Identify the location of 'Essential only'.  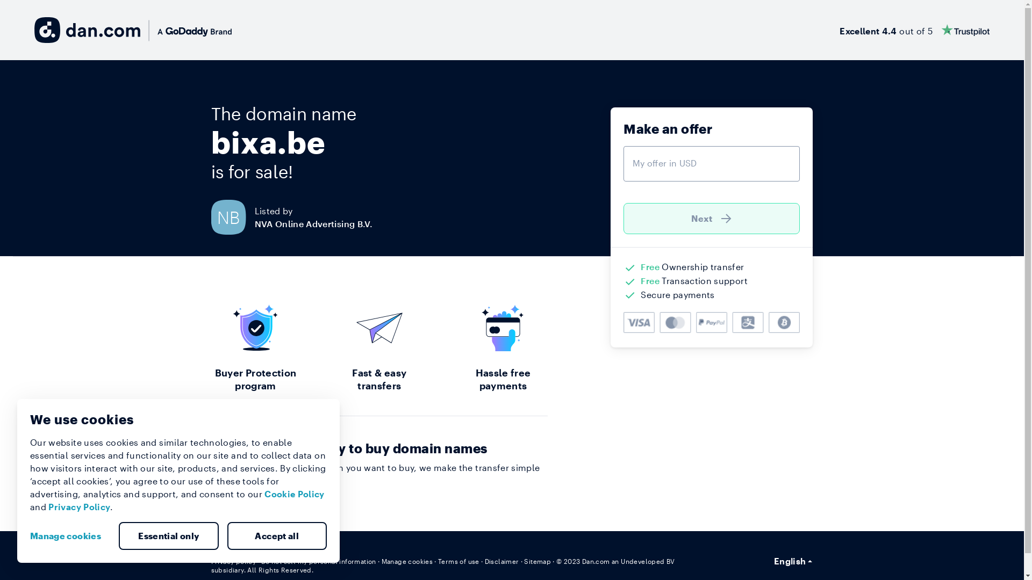
(168, 536).